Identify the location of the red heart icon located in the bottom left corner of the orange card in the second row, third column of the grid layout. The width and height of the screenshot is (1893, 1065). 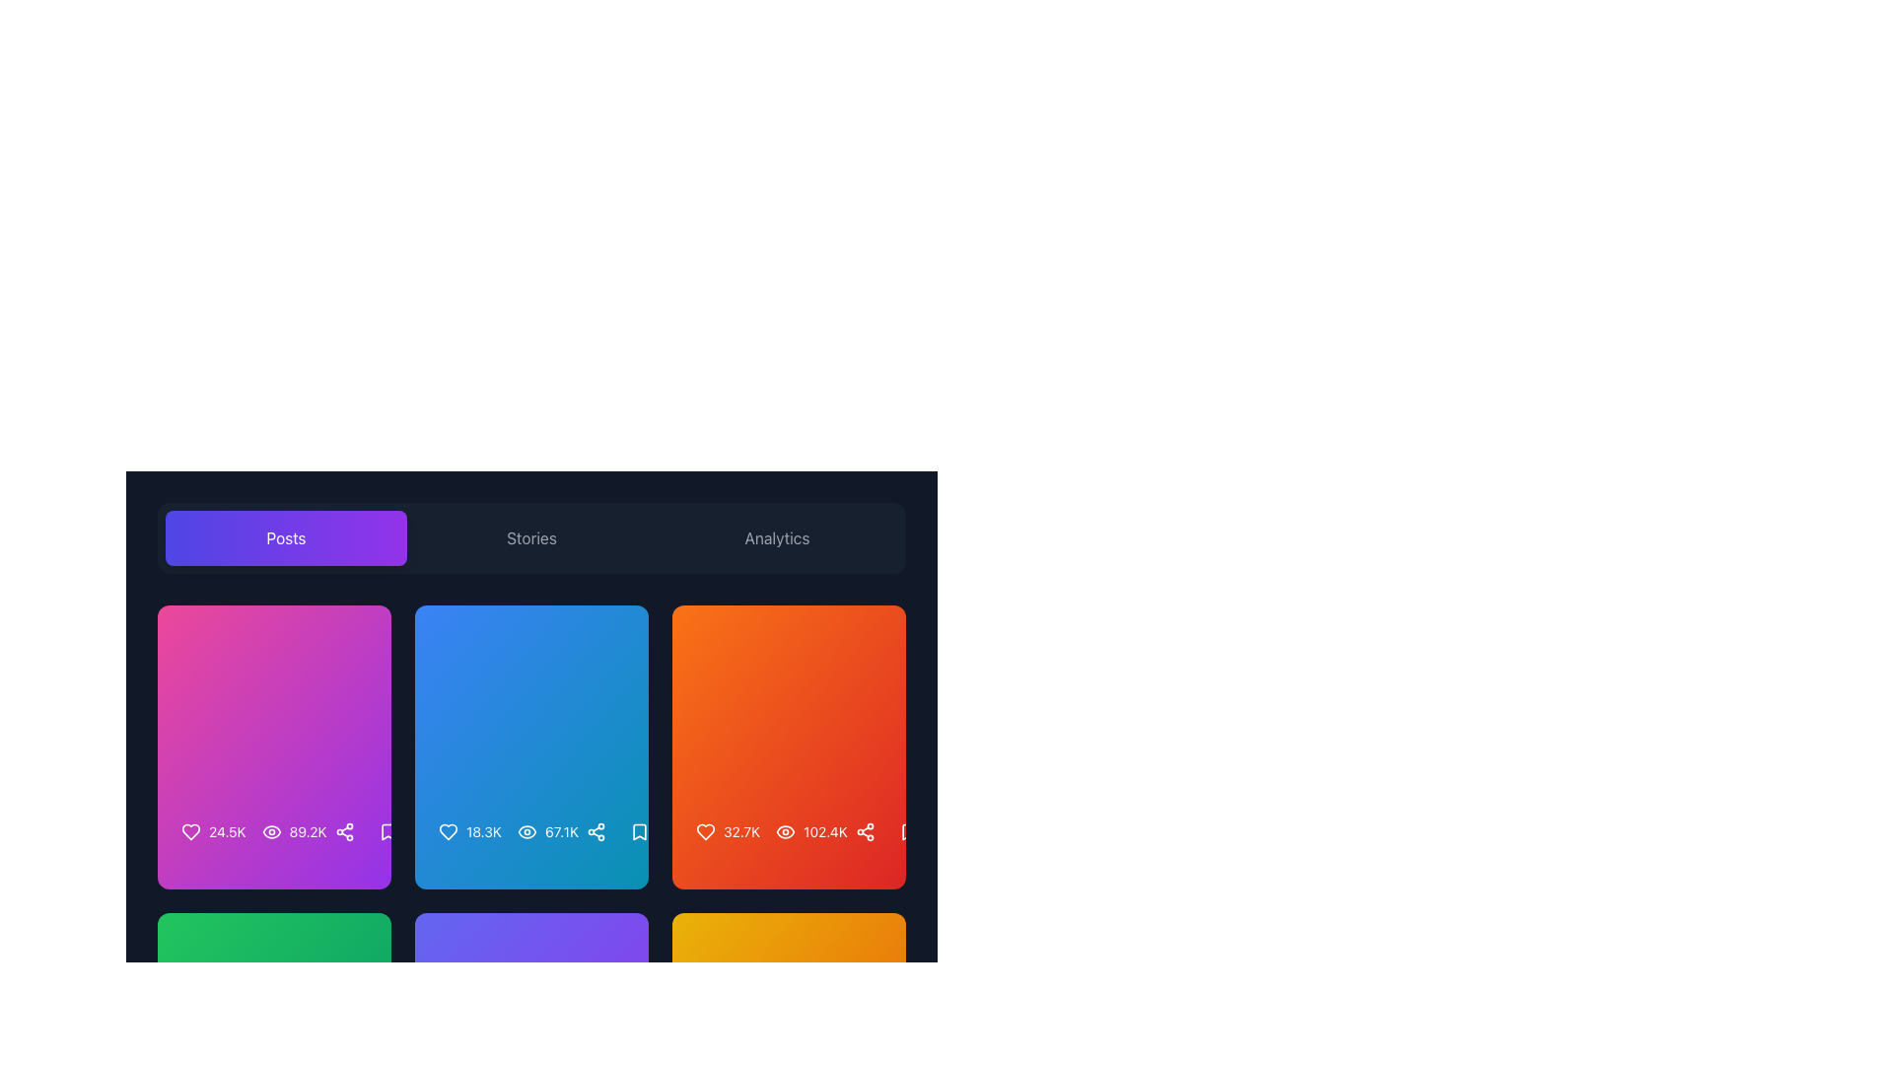
(705, 832).